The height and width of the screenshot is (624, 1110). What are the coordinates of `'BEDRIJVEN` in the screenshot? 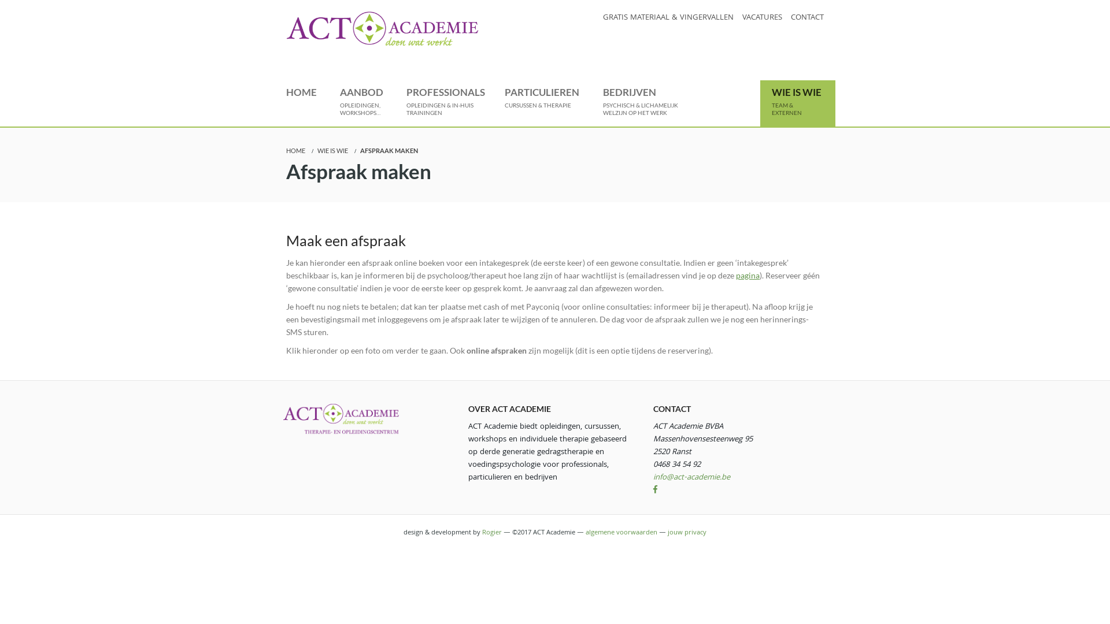 It's located at (640, 102).